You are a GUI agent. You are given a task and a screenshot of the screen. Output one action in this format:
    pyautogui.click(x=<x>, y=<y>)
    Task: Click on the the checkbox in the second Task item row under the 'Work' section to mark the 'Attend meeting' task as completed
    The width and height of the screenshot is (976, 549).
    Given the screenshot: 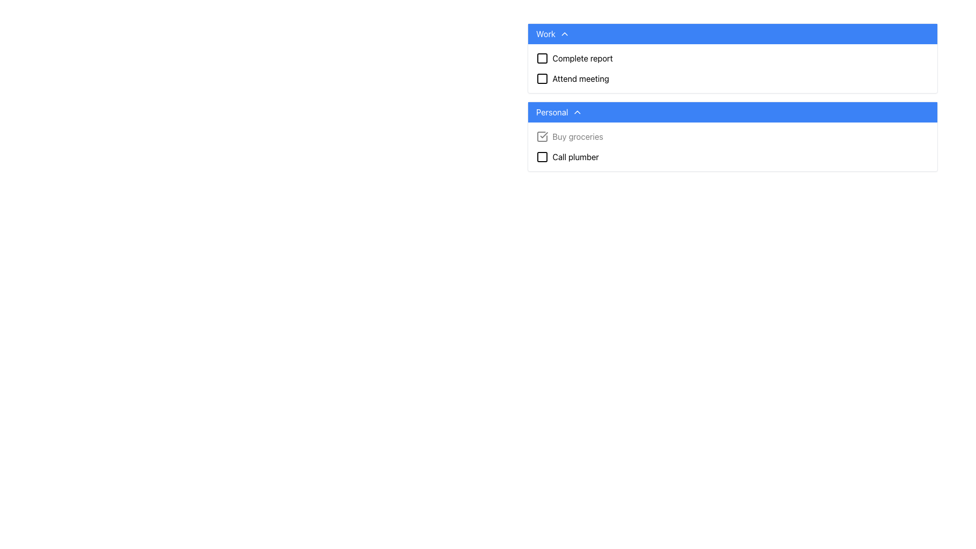 What is the action you would take?
    pyautogui.click(x=733, y=78)
    